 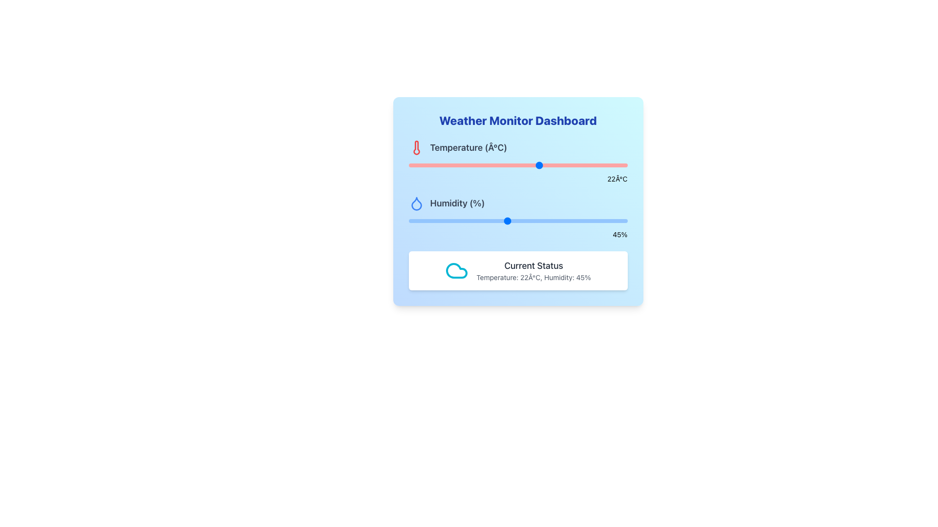 I want to click on the humidity slider, so click(x=485, y=221).